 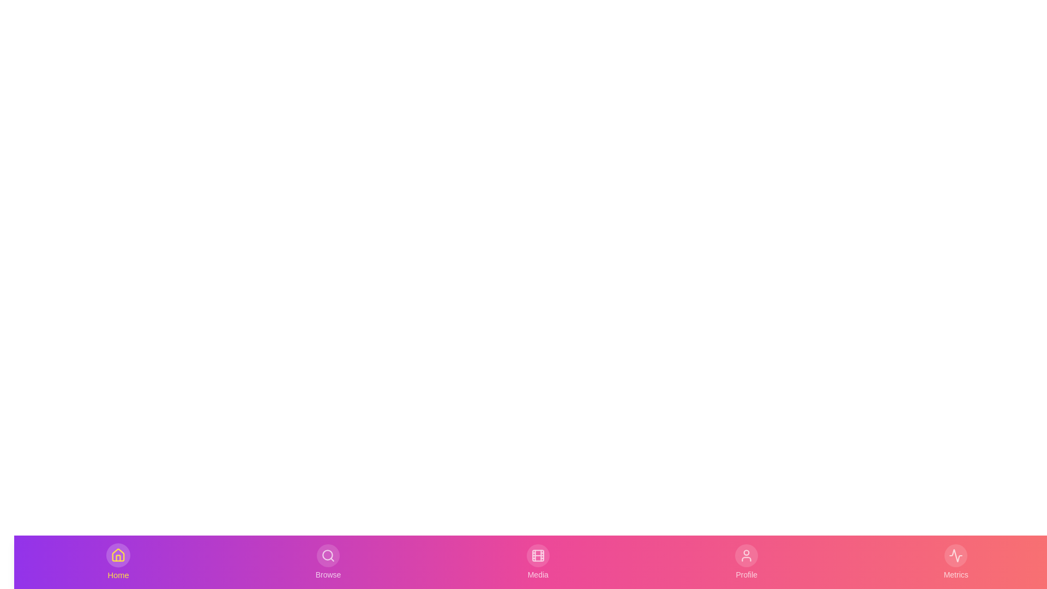 I want to click on the Profile tab to view its interaction effects, so click(x=745, y=562).